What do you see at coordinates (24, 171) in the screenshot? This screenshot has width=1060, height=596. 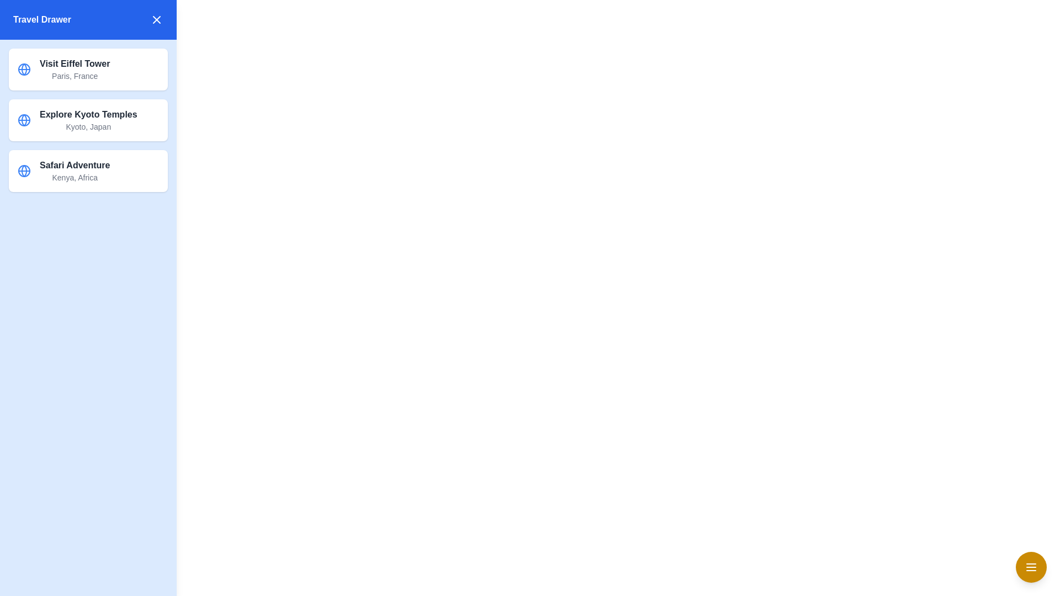 I see `the blue outlined circular SVG element that is part of the third globe icon to the left of the 'Safari Adventure' item in the list` at bounding box center [24, 171].